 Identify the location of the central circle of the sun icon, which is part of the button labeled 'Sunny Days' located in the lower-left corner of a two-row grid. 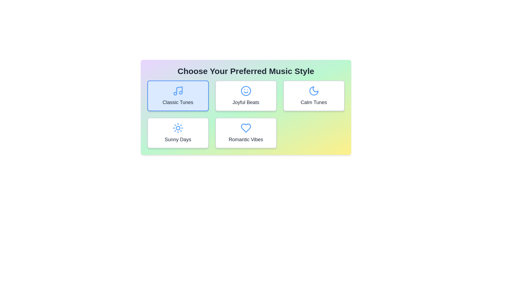
(178, 128).